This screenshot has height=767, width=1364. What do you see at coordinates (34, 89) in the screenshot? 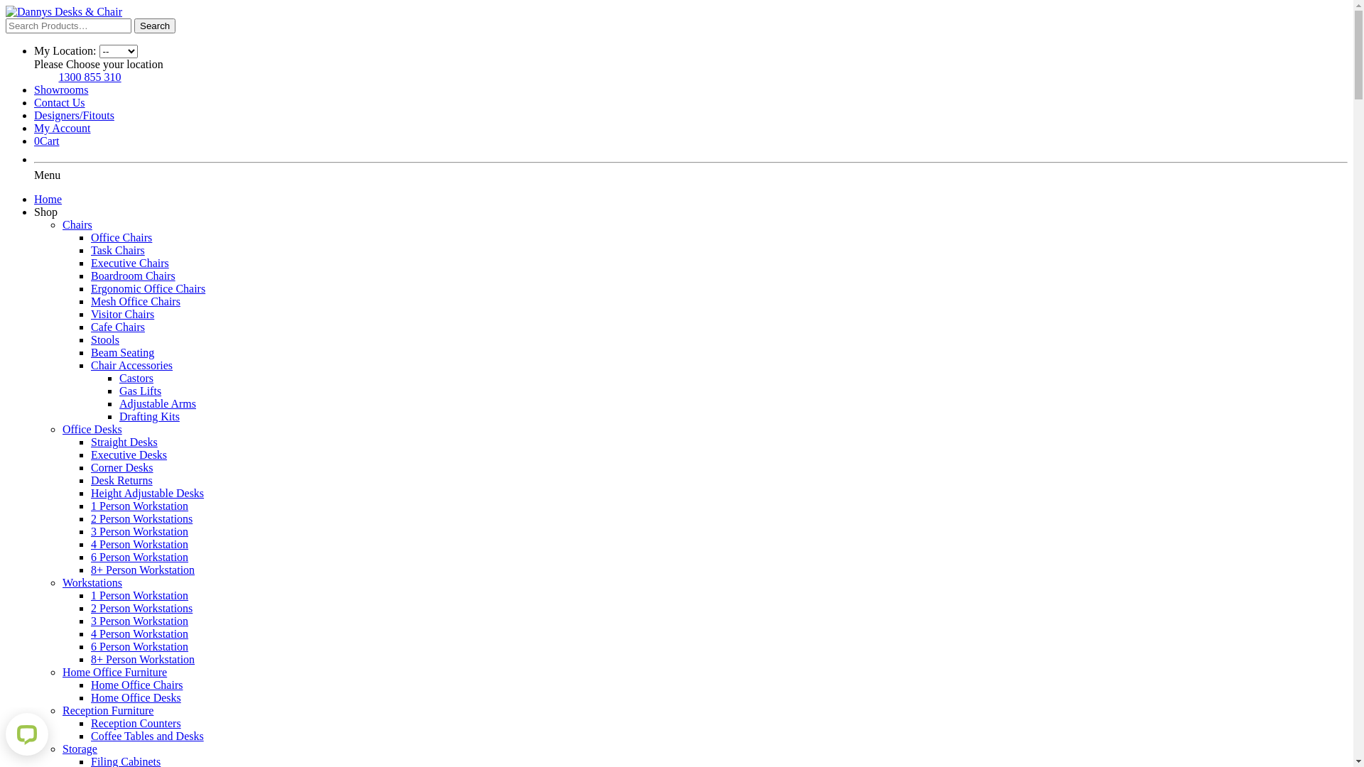
I see `'Showrooms'` at bounding box center [34, 89].